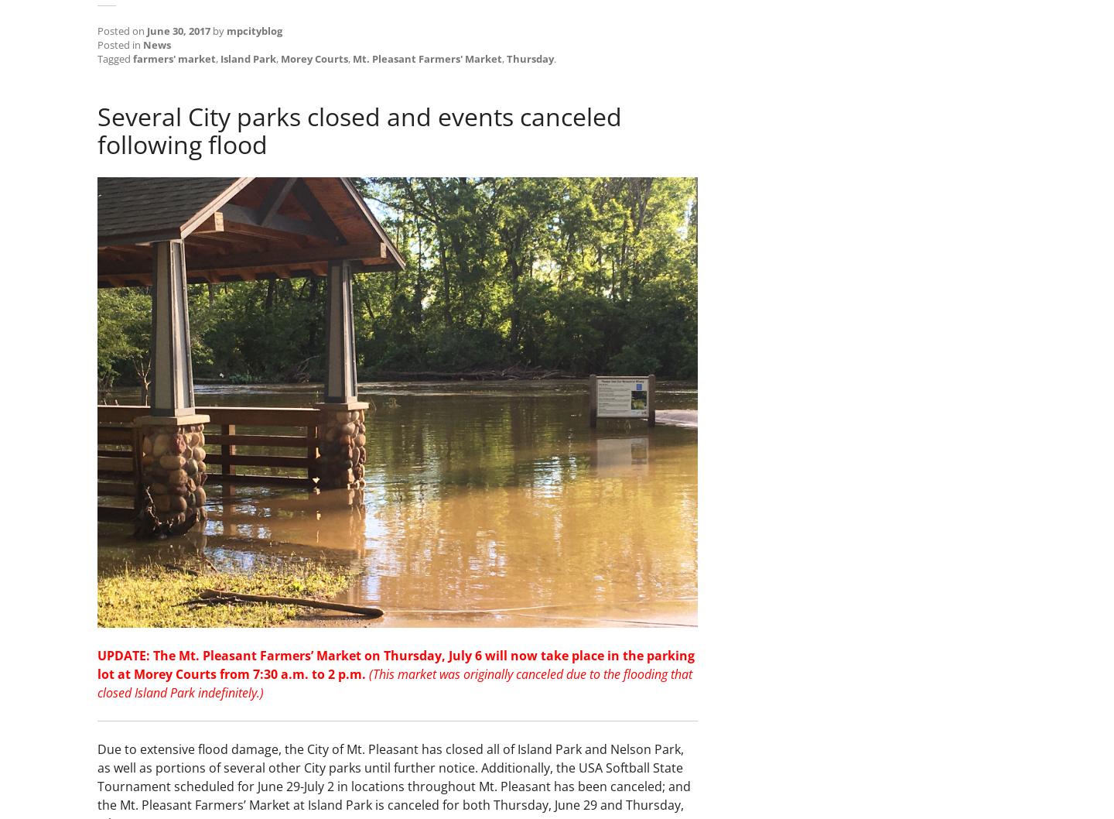  What do you see at coordinates (394, 684) in the screenshot?
I see `'(This market was originally canceled due to the flooding that closed Island Park indefinitely.)'` at bounding box center [394, 684].